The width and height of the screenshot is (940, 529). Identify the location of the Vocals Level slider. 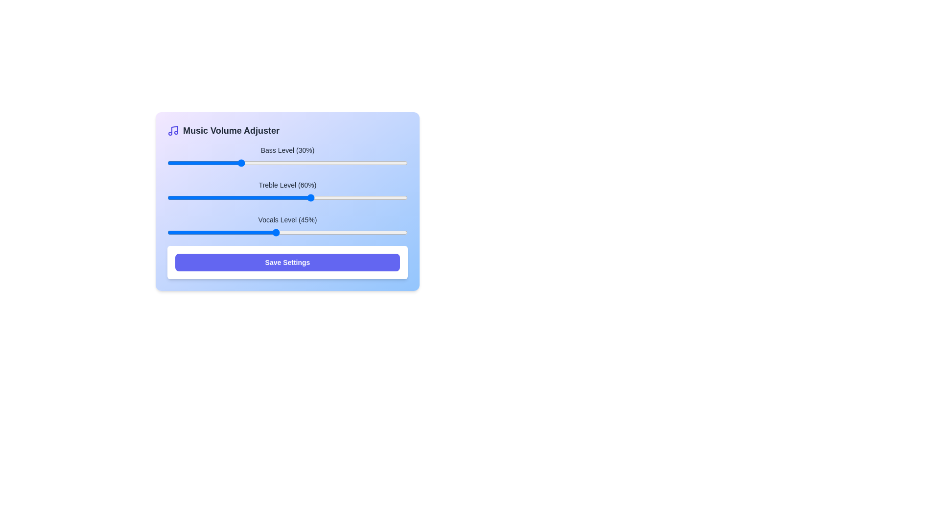
(359, 232).